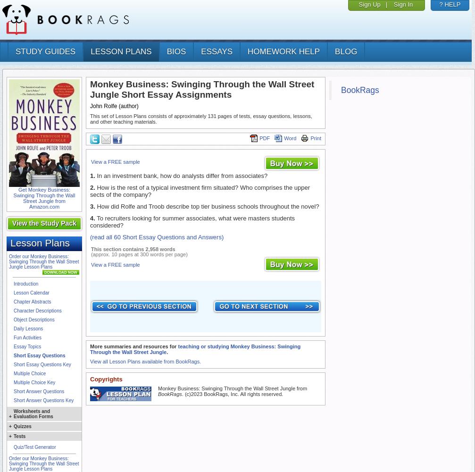 Image resolution: width=475 pixels, height=472 pixels. Describe the element at coordinates (200, 191) in the screenshot. I see `'How is the rest of a typical investment firm situated? Who comprises the upper sects of the company?'` at that location.